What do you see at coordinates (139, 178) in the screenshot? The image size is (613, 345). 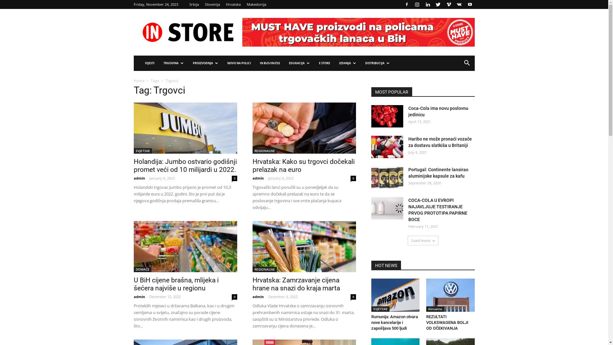 I see `'admin'` at bounding box center [139, 178].